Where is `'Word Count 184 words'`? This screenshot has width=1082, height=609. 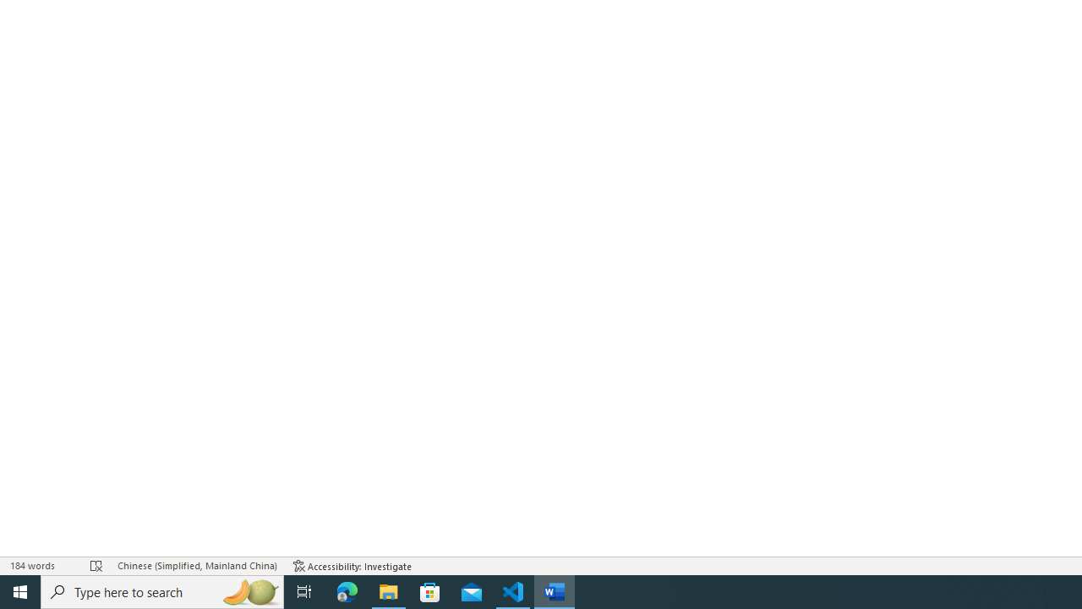 'Word Count 184 words' is located at coordinates (41, 566).